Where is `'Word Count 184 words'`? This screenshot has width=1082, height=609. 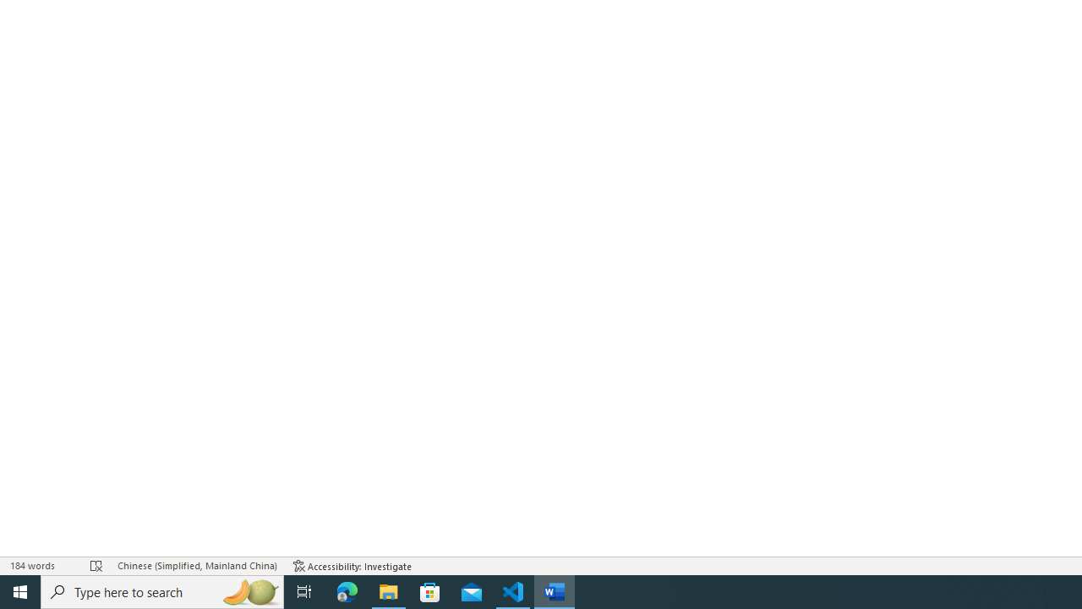 'Word Count 184 words' is located at coordinates (41, 566).